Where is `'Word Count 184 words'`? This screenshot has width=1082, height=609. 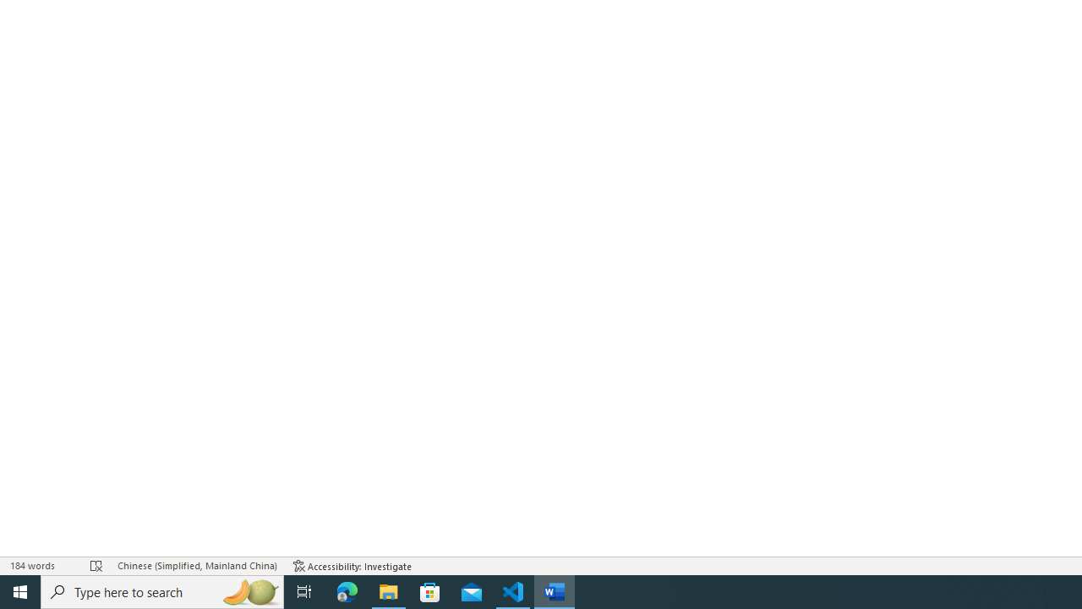 'Word Count 184 words' is located at coordinates (41, 566).